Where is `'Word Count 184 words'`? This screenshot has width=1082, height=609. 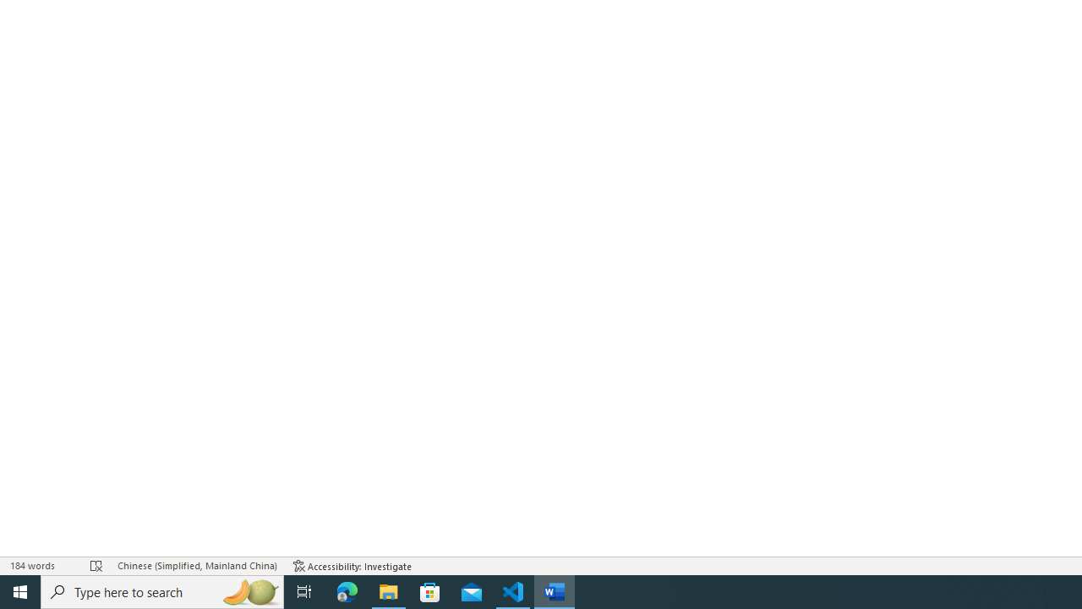 'Word Count 184 words' is located at coordinates (41, 566).